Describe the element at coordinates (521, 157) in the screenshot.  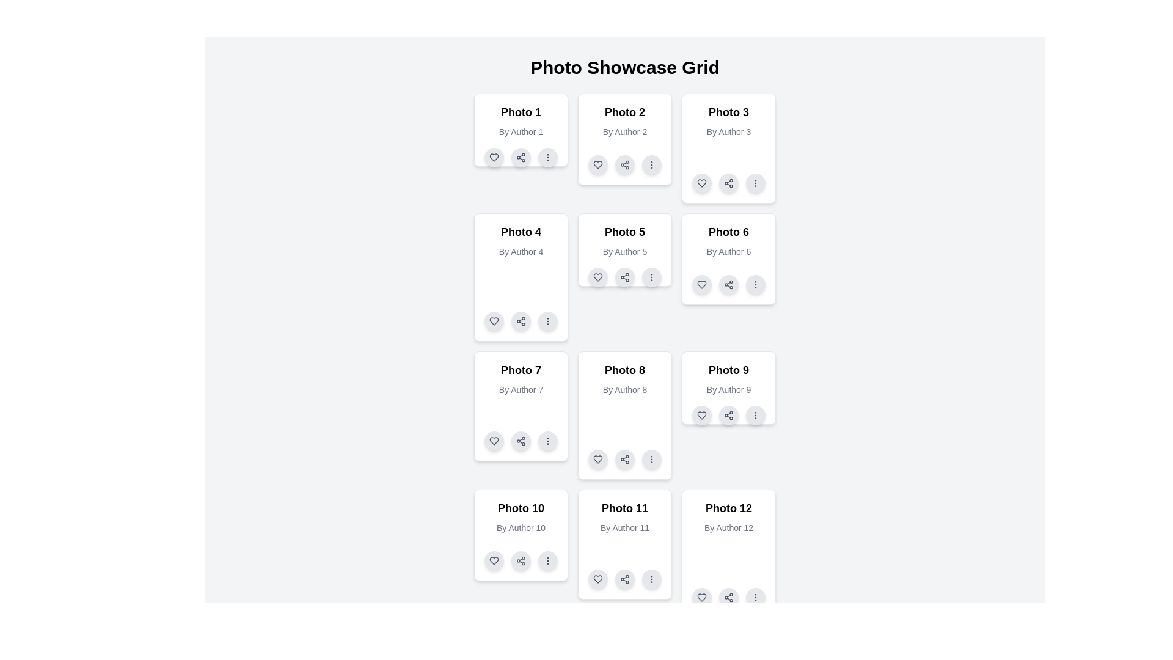
I see `the third interactive icon located at the bottom of the card labeled 'Photo 1 By Author 1'` at that location.